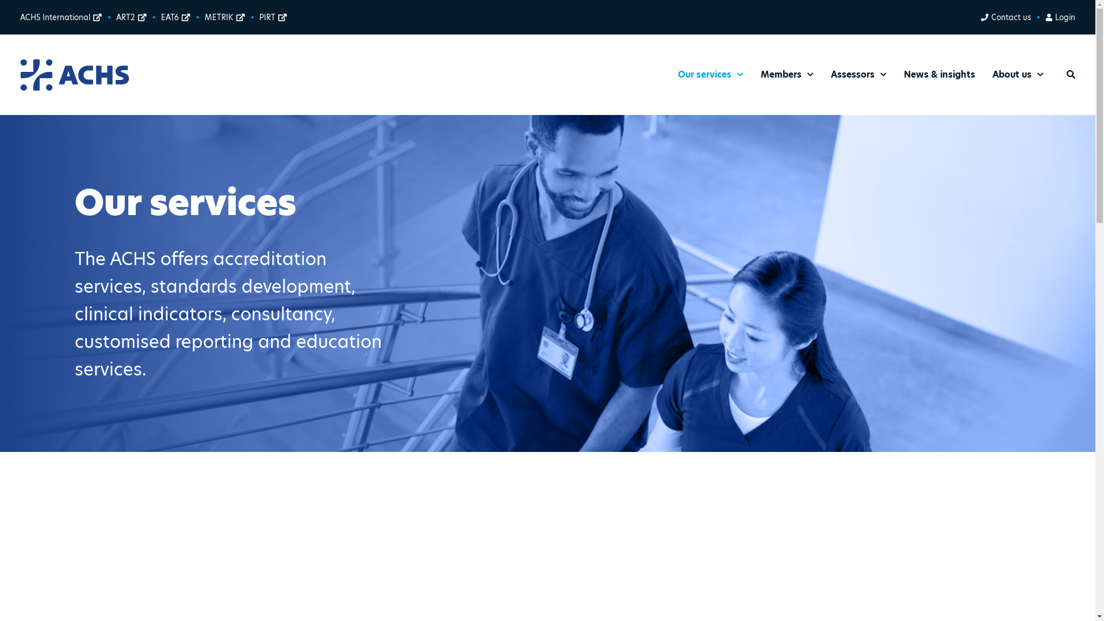 This screenshot has width=1104, height=621. Describe the element at coordinates (1059, 17) in the screenshot. I see `'Login'` at that location.